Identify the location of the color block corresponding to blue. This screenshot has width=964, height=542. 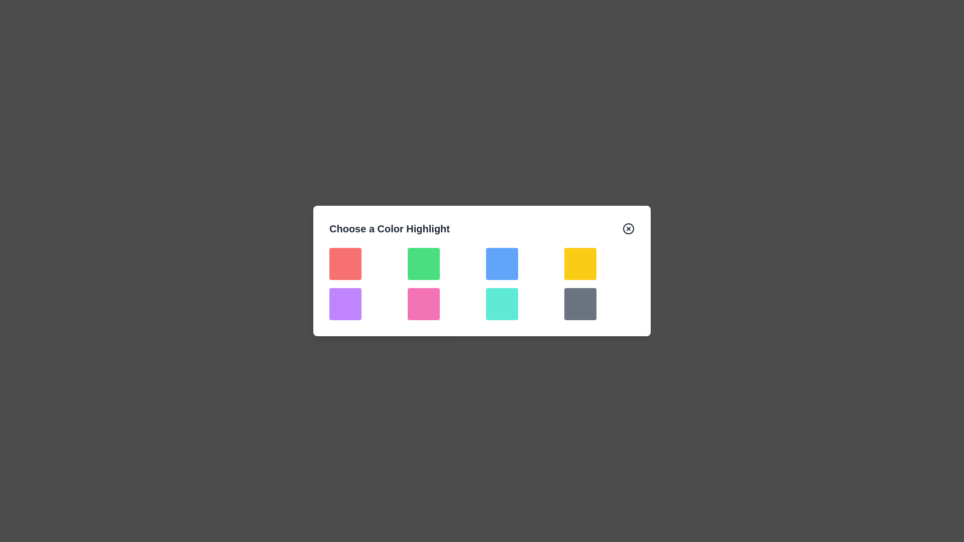
(502, 263).